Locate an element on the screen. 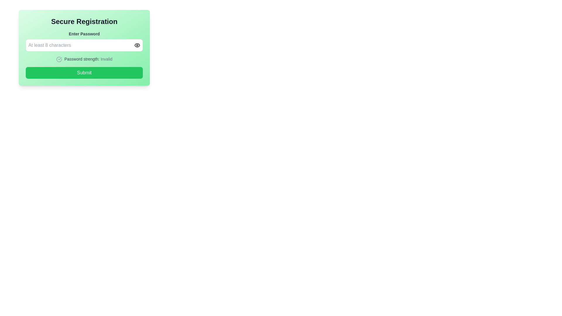 The image size is (562, 316). the informative text label indicating password strength, located below the password input field and above the green 'Submit' button is located at coordinates (84, 59).